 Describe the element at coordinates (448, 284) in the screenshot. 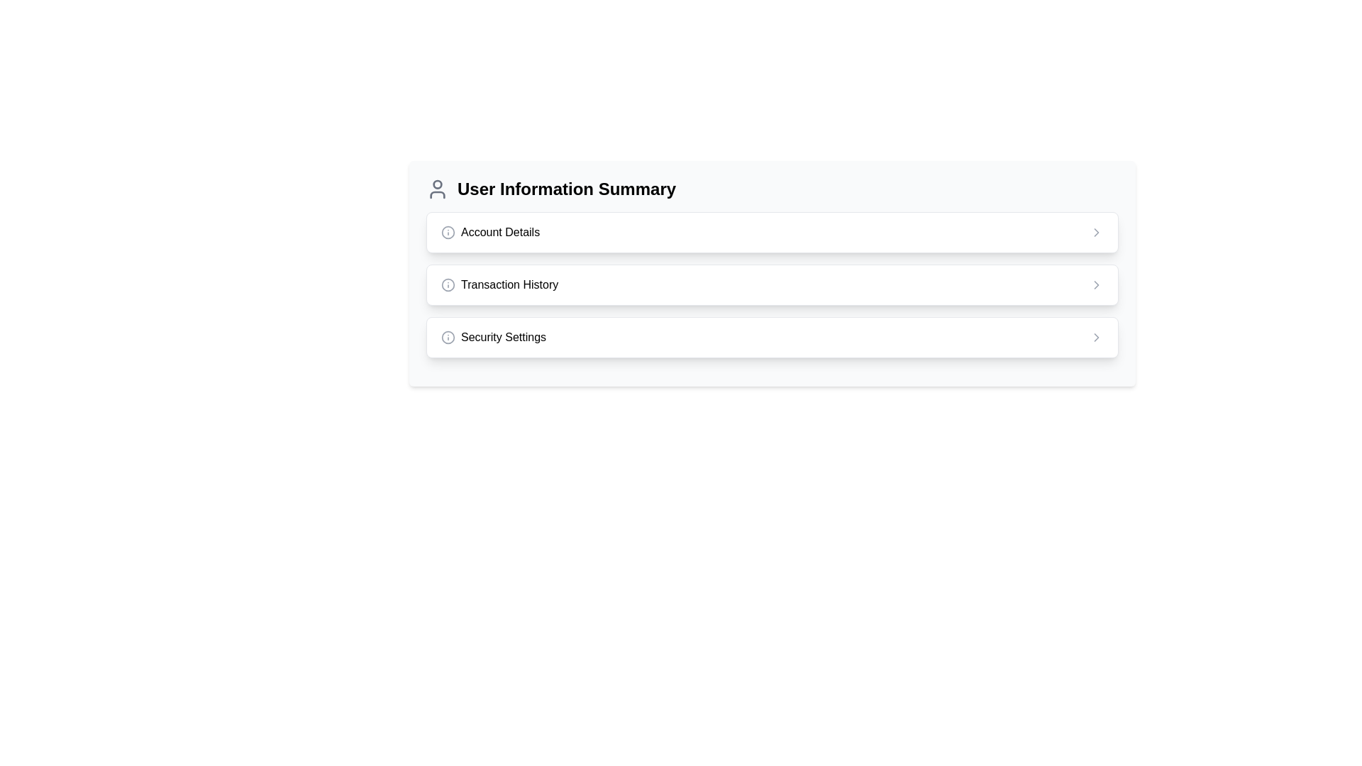

I see `the icon positioned to the left of the 'Transaction History' label to obtain further details` at that location.